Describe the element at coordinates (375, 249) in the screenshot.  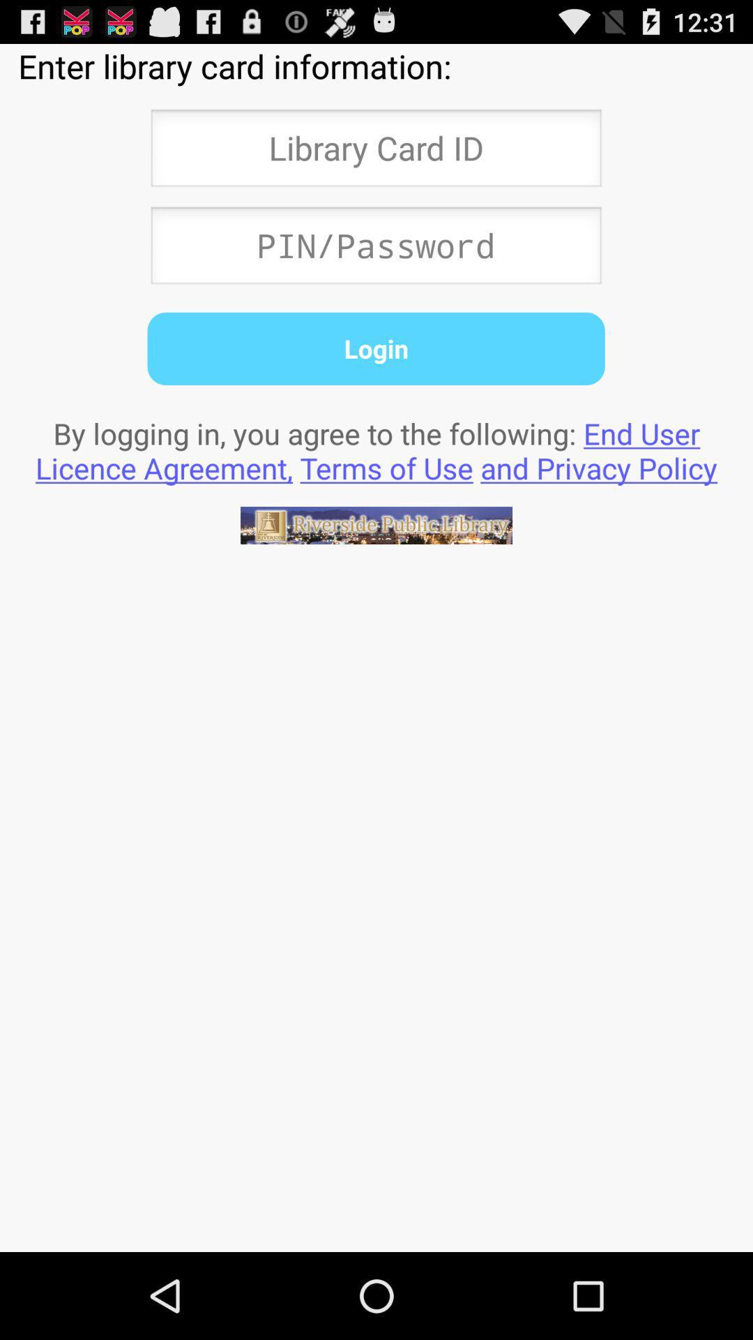
I see `pin or password` at that location.